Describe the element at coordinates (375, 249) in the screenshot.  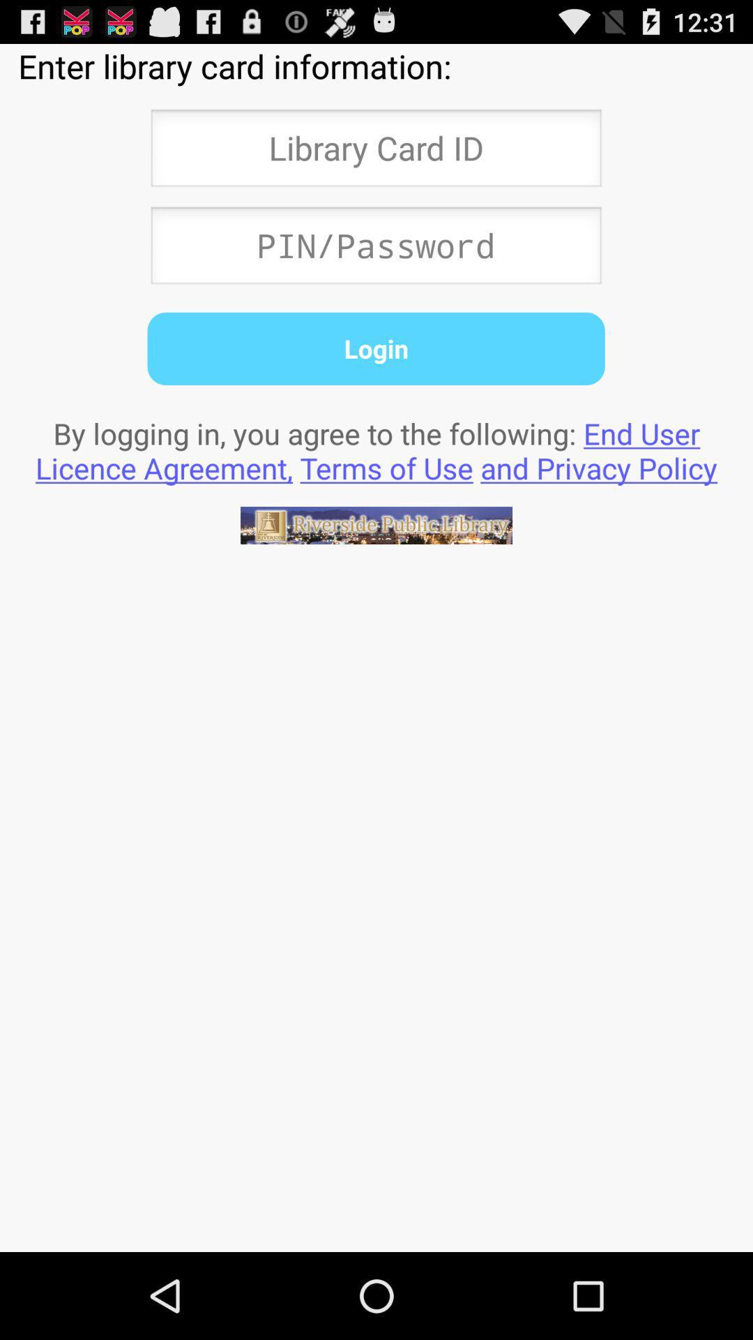
I see `pin or password` at that location.